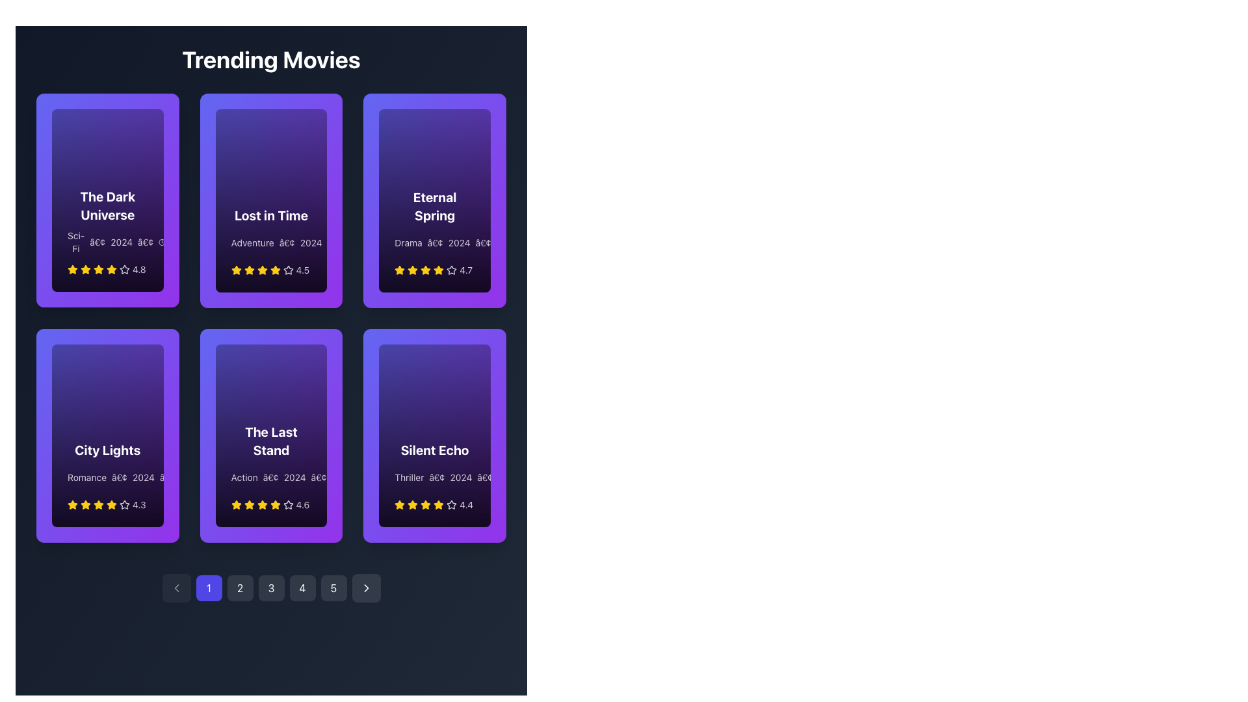 The height and width of the screenshot is (702, 1248). Describe the element at coordinates (112, 503) in the screenshot. I see `the fifth star icon` at that location.